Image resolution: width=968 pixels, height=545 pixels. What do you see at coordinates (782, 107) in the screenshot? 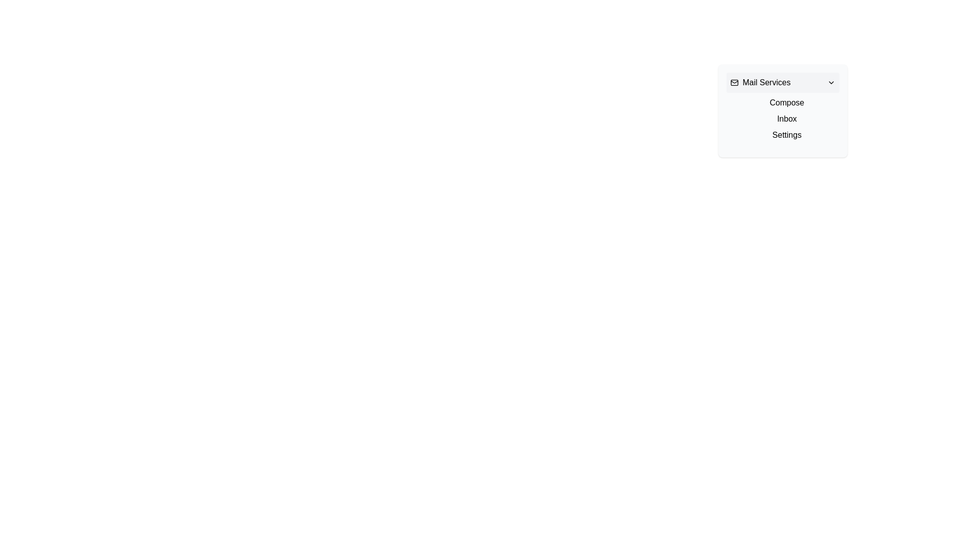
I see `the 'Compose' menu item located inside the 'Mail Services' dropdown menu` at bounding box center [782, 107].